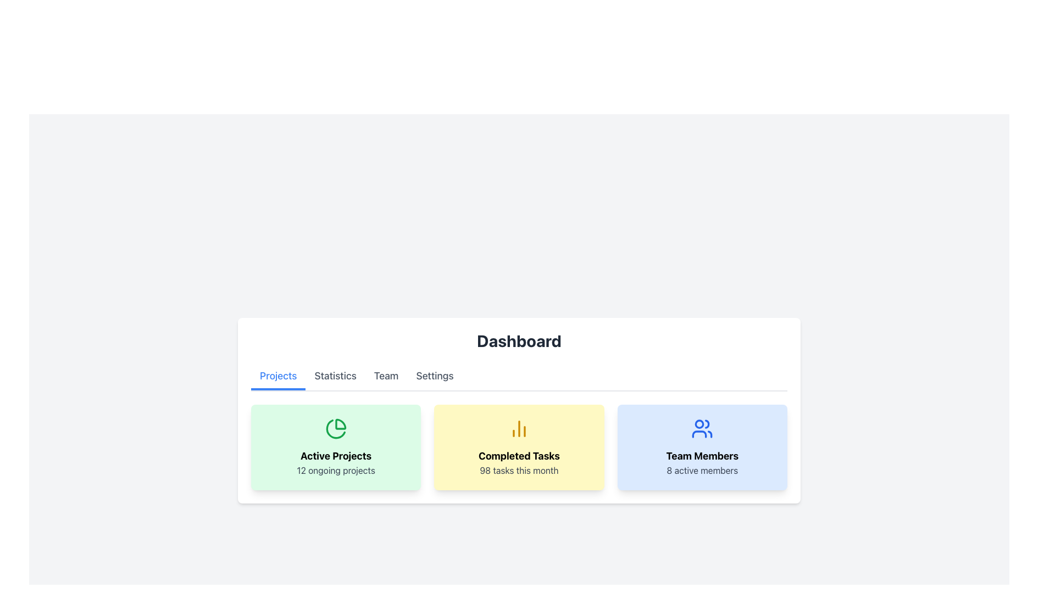  What do you see at coordinates (386, 376) in the screenshot?
I see `the 'Team' tab in the navigation bar` at bounding box center [386, 376].